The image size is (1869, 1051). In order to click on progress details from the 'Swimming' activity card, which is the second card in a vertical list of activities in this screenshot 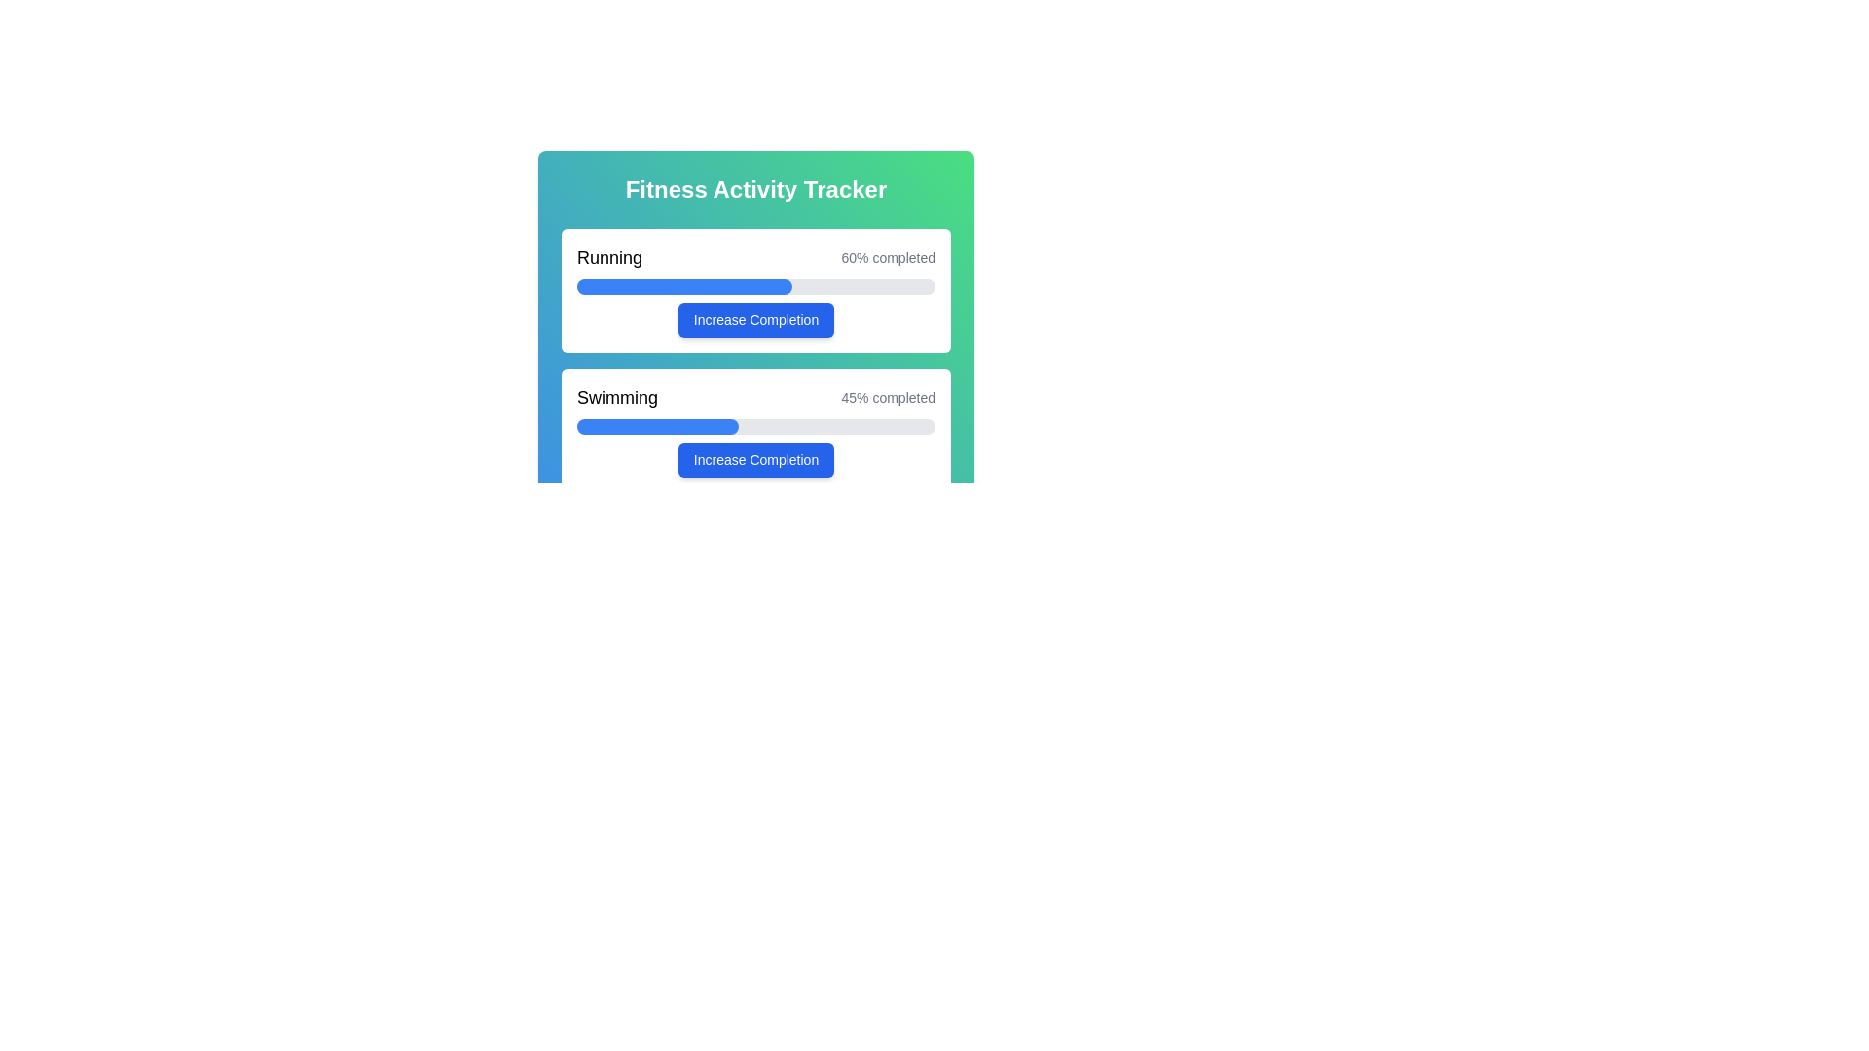, I will do `click(755, 430)`.